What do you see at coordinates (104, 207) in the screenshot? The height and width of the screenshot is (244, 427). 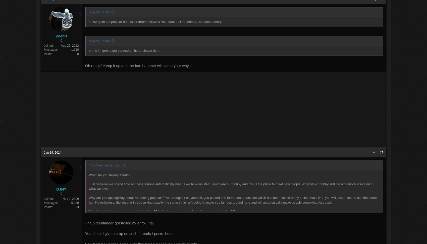 I see `'83'` at bounding box center [104, 207].